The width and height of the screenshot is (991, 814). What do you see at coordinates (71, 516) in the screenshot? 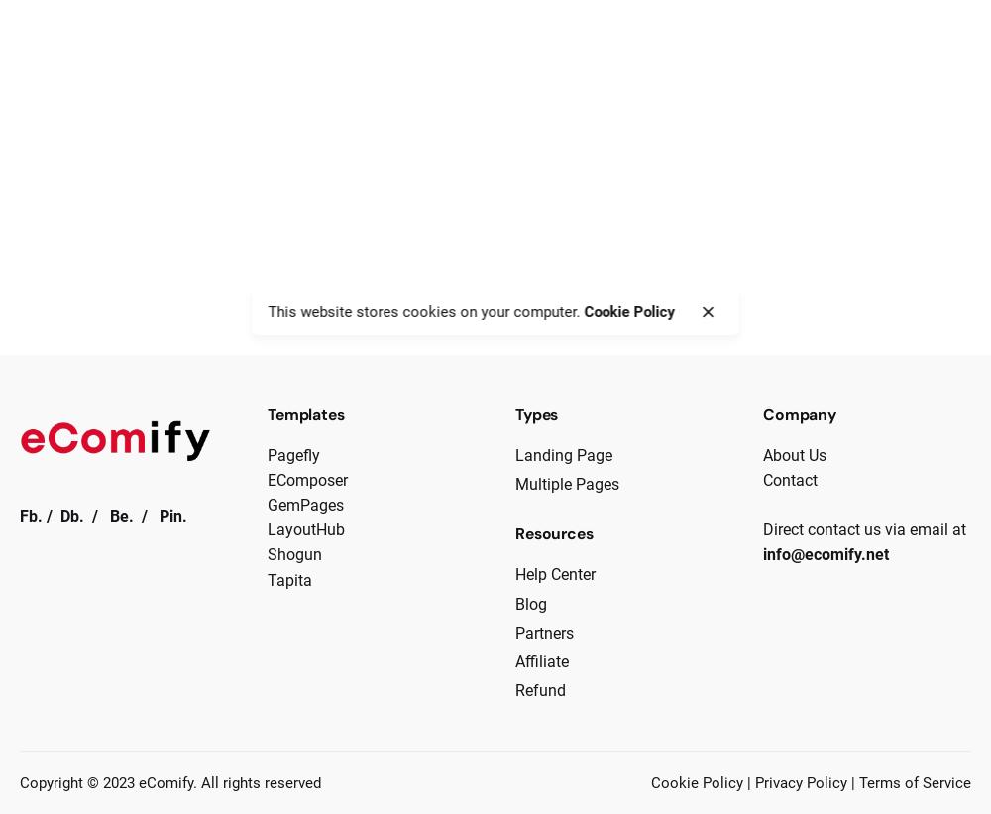
I see `'Db.'` at bounding box center [71, 516].